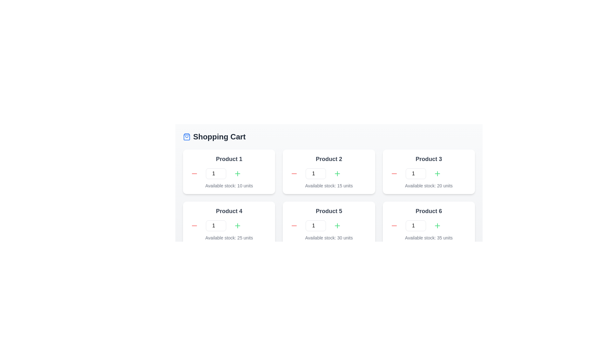  Describe the element at coordinates (294, 174) in the screenshot. I see `the decrement SVG icon within the red circular button for 'Product 2'` at that location.